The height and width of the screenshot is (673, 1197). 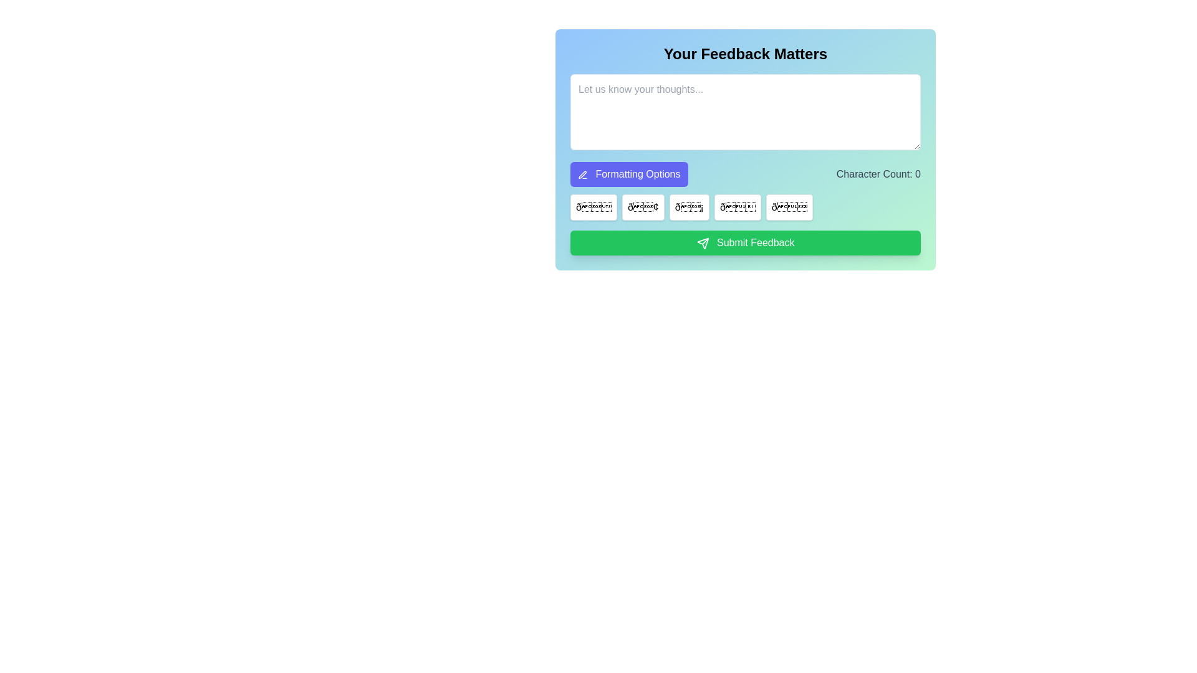 What do you see at coordinates (703, 243) in the screenshot?
I see `the SVG icon that represents the action of sending the feedback form, located within the green 'Submit Feedback' button at the bottom center of the feedback form interface` at bounding box center [703, 243].